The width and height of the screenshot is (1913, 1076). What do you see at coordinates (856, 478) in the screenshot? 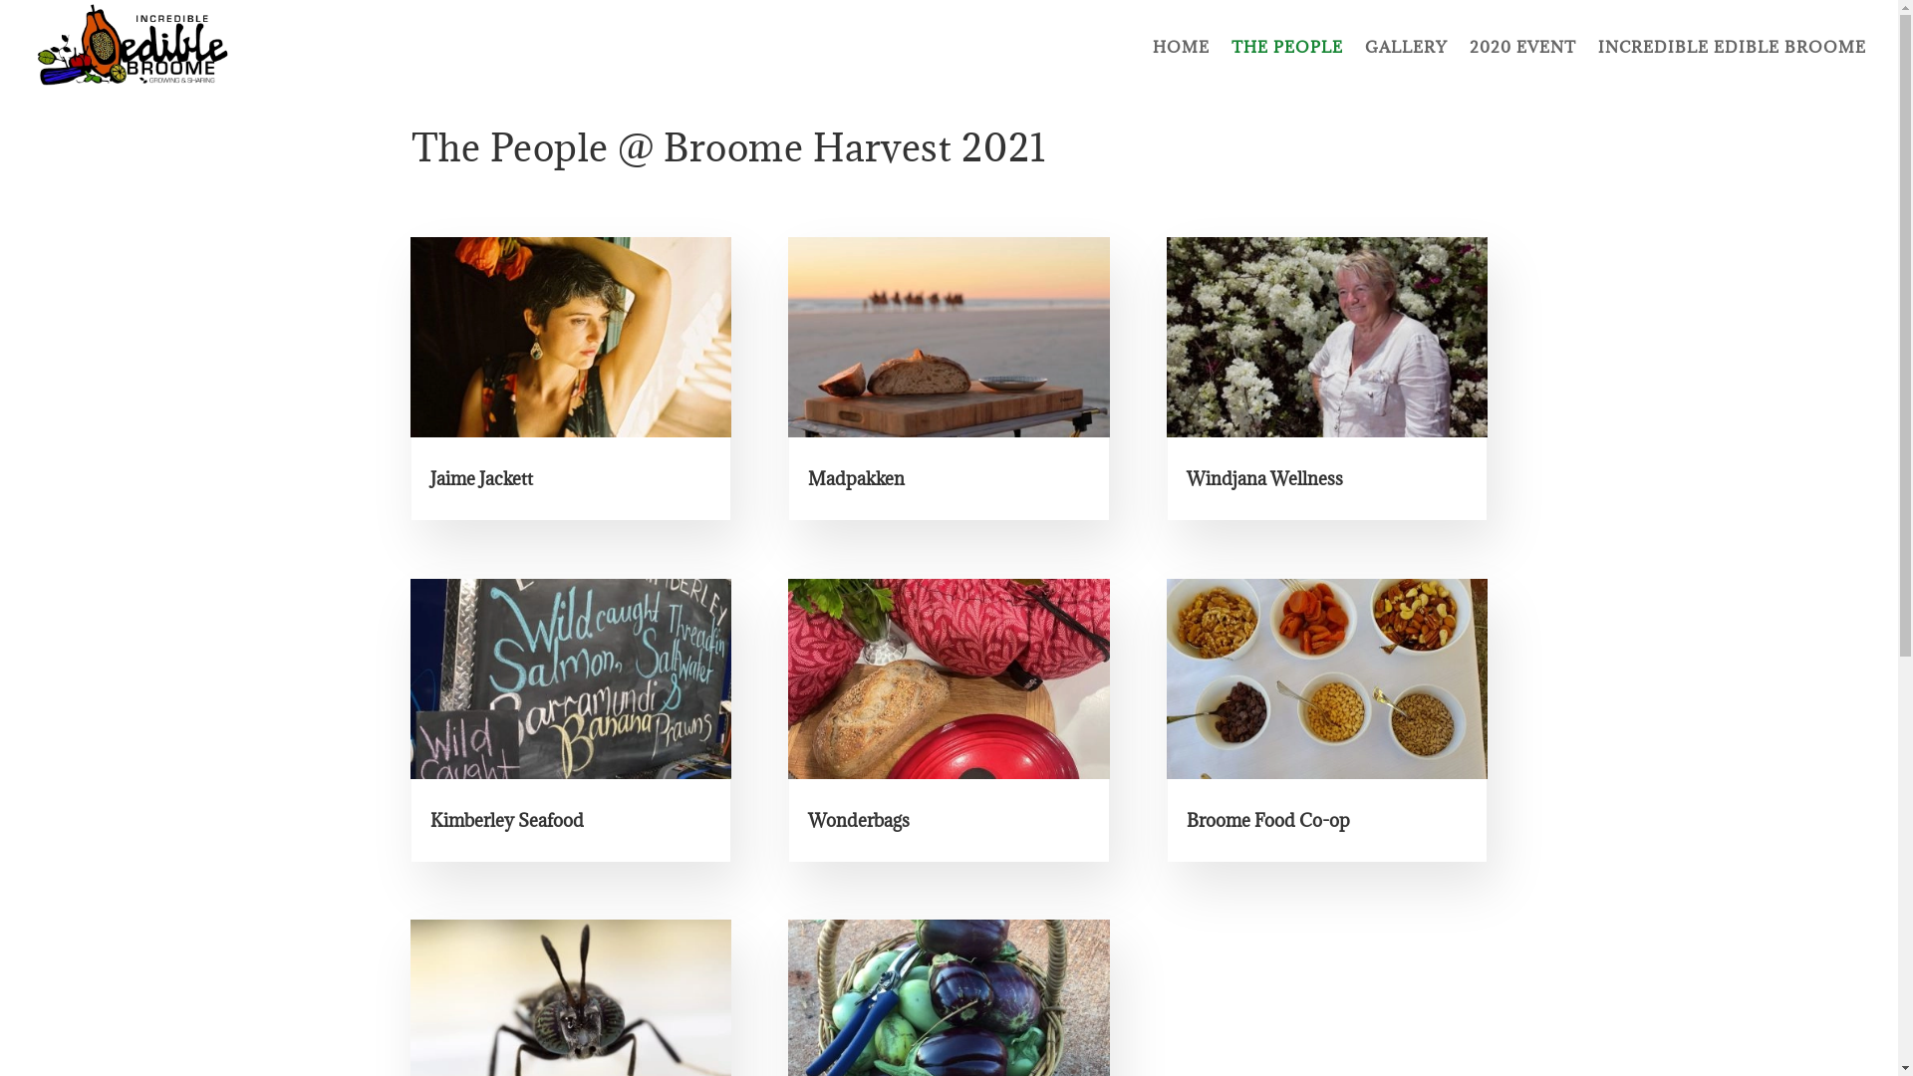
I see `'Madpakken'` at bounding box center [856, 478].